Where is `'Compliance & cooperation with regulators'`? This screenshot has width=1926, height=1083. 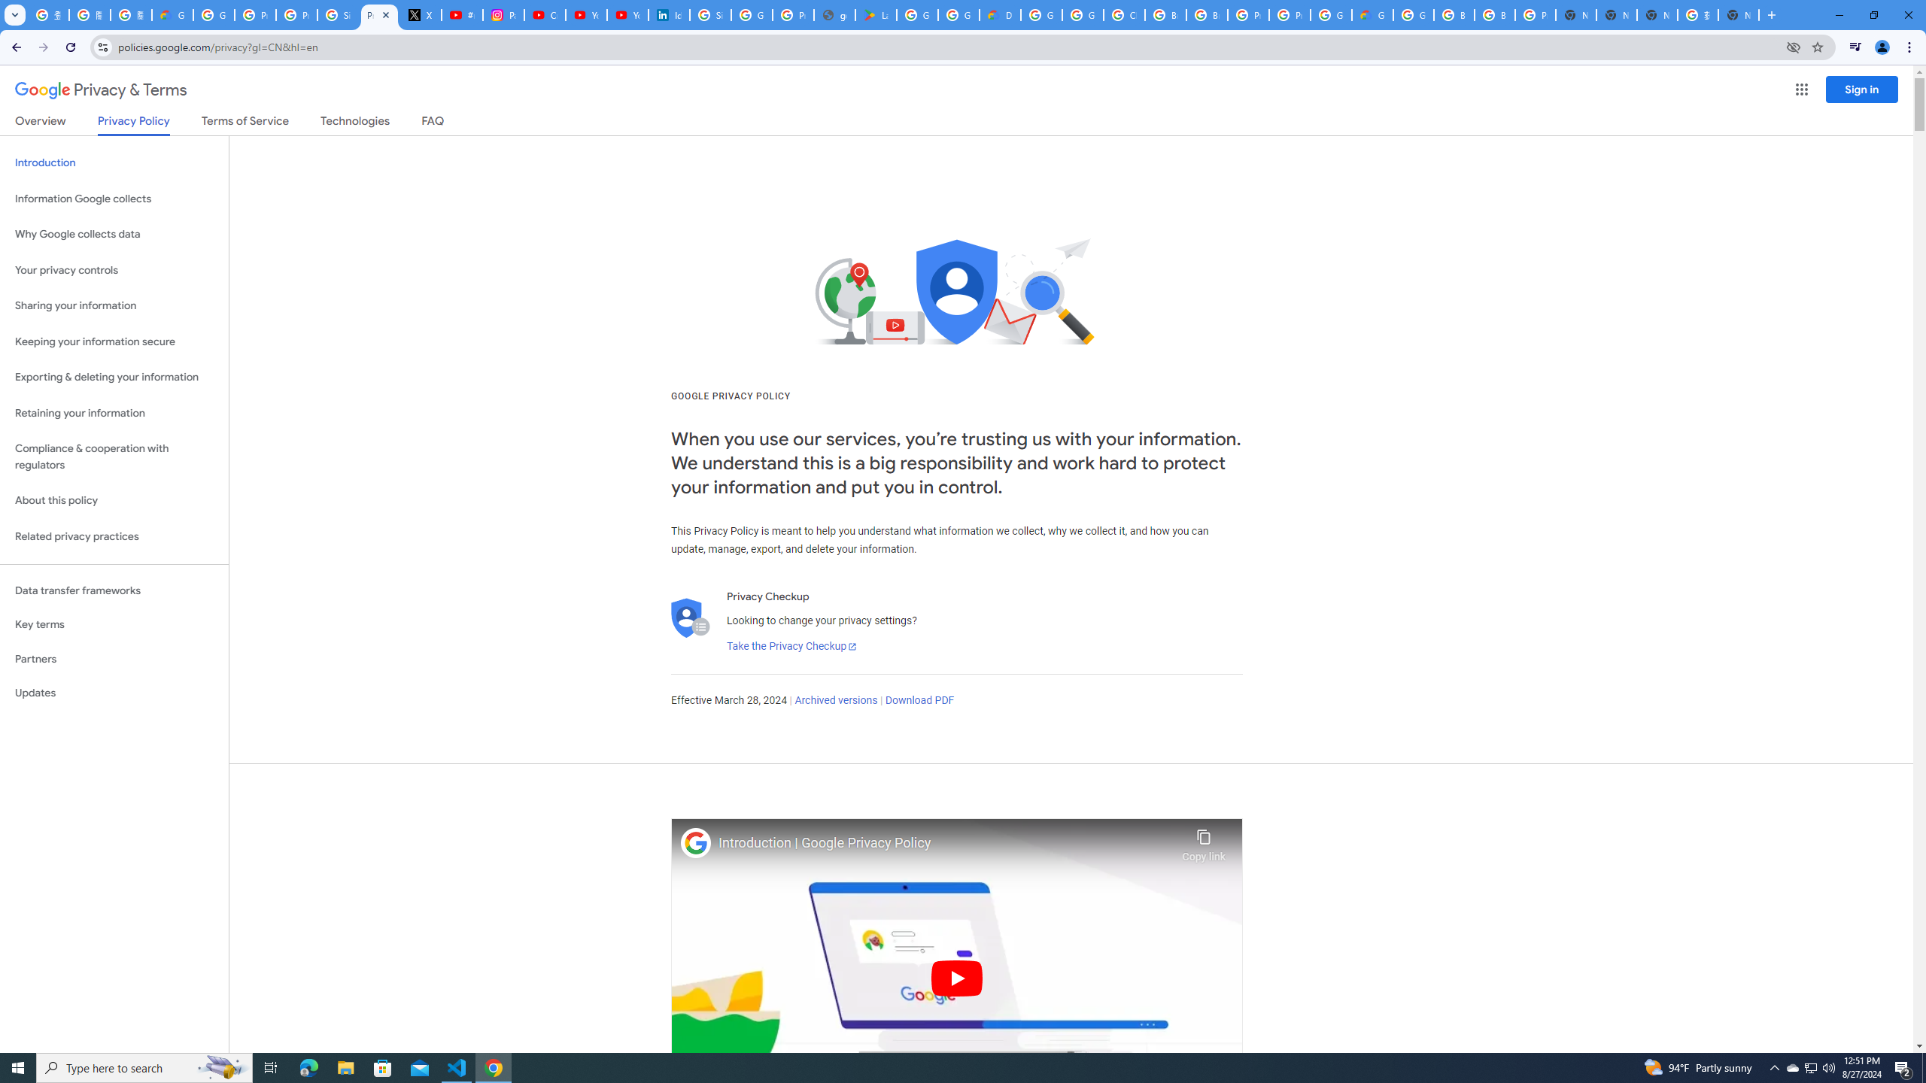 'Compliance & cooperation with regulators' is located at coordinates (114, 457).